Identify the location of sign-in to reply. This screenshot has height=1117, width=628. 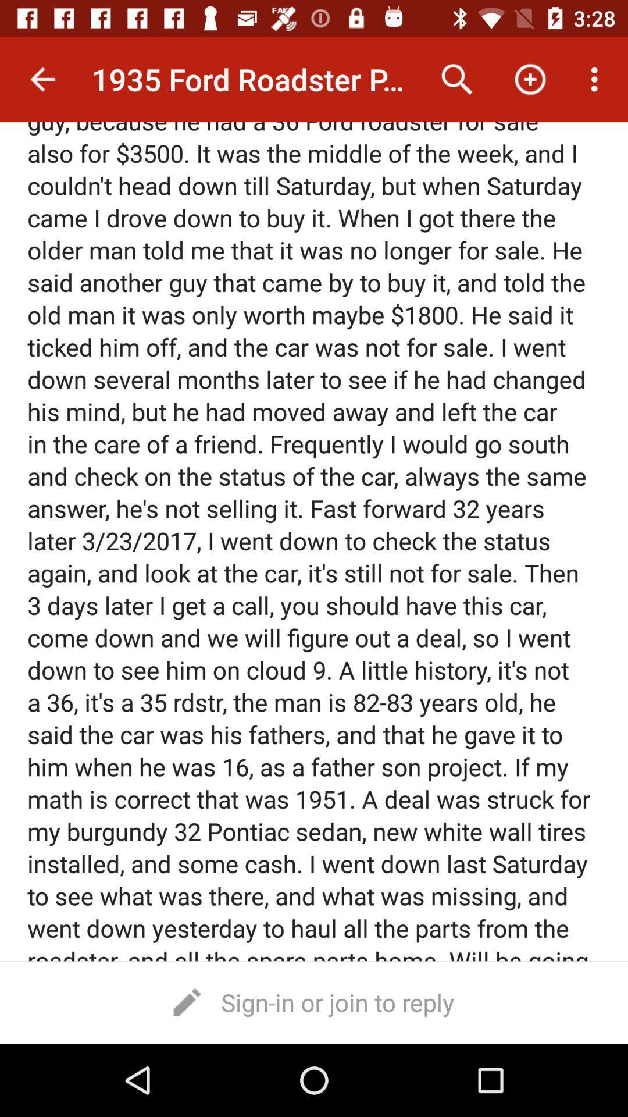
(314, 1001).